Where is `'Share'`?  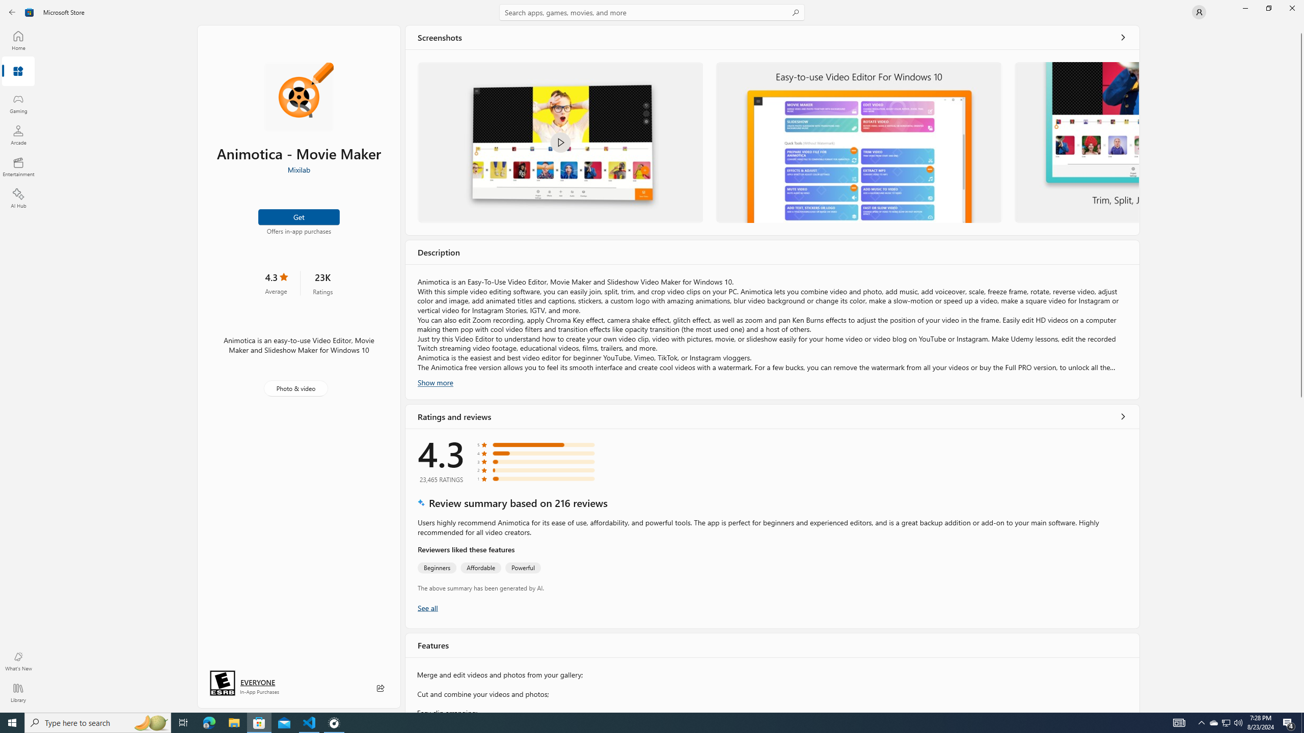 'Share' is located at coordinates (380, 688).